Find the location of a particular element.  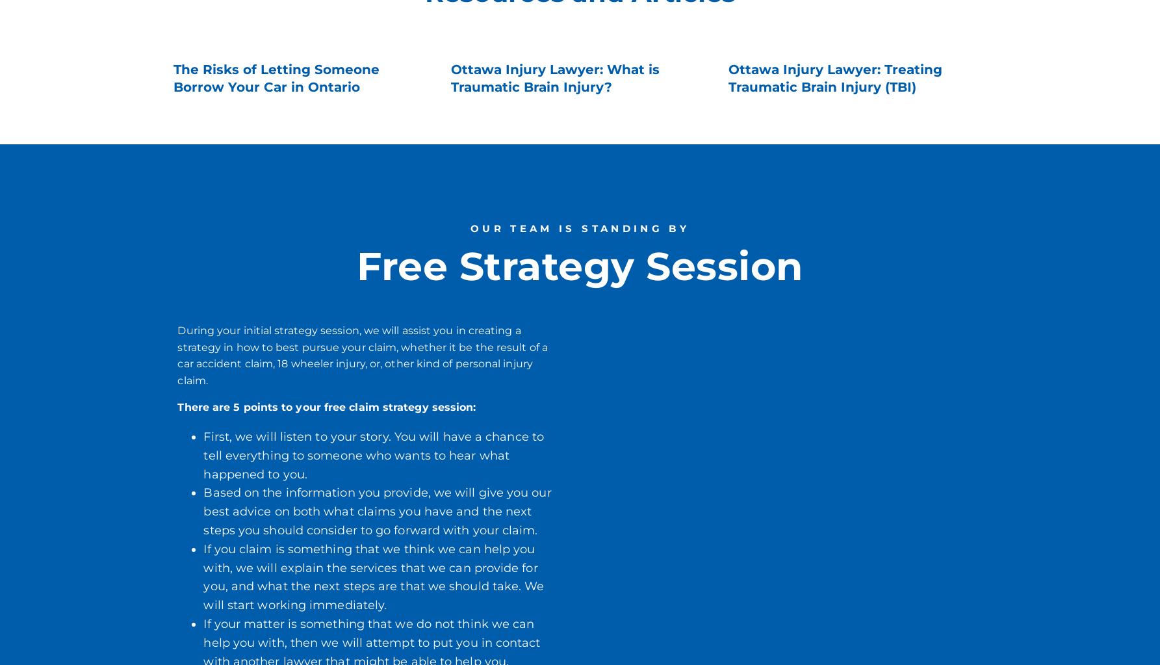

'During your initial strategy session, we will assist you in creating a strategy in how to best pursue your claim, whether it be the result of a car accident claim, 18 wheeler injury, or, other kind of personal injury claim.' is located at coordinates (362, 354).